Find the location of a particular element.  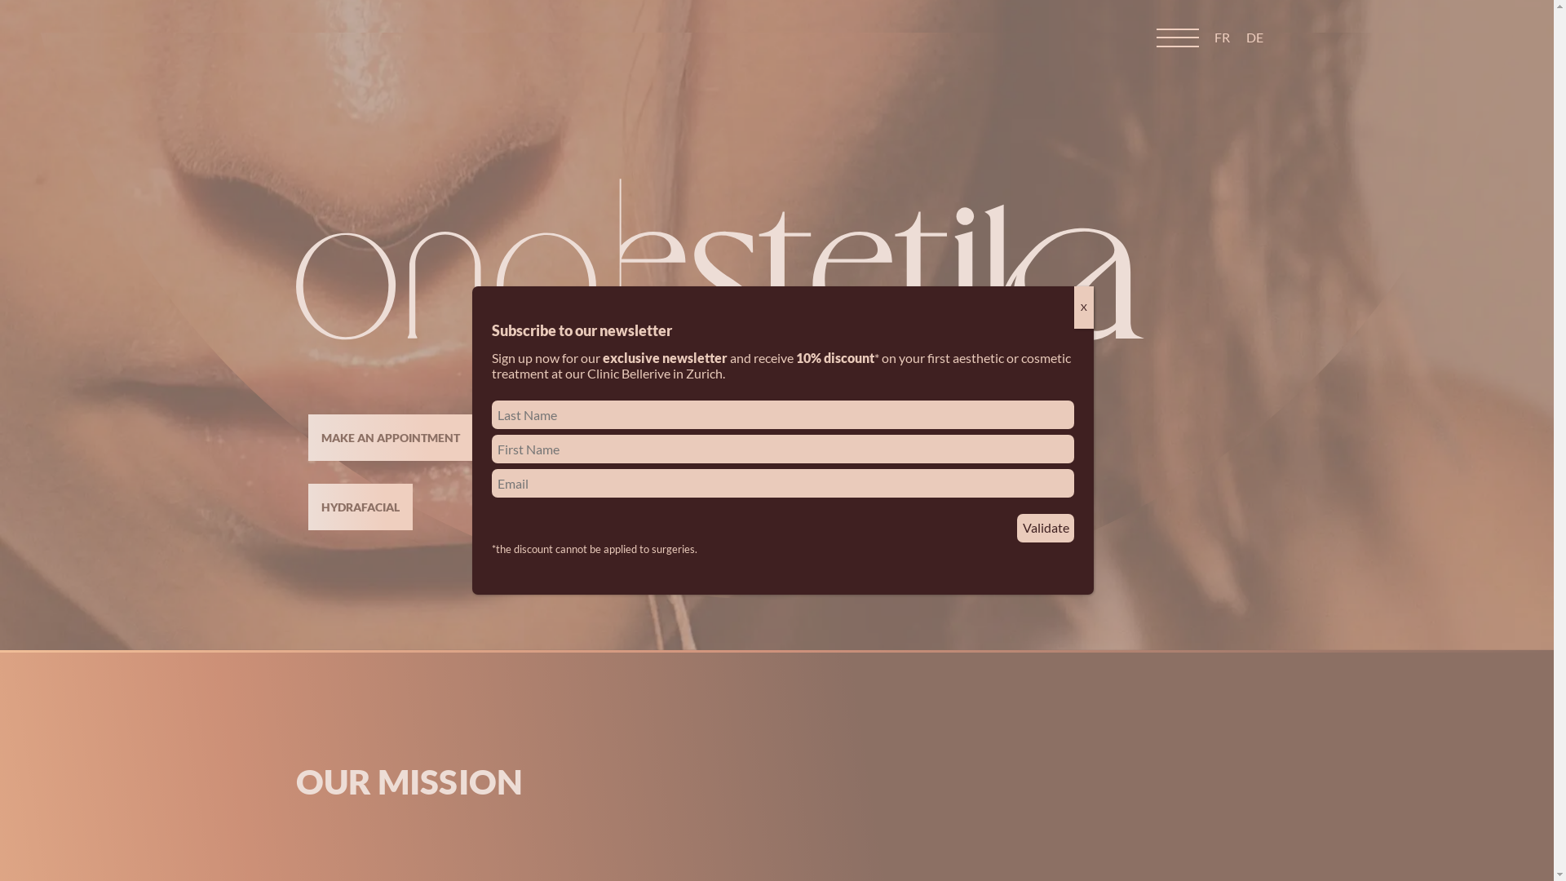

'HYDRAFACIAL' is located at coordinates (359, 506).